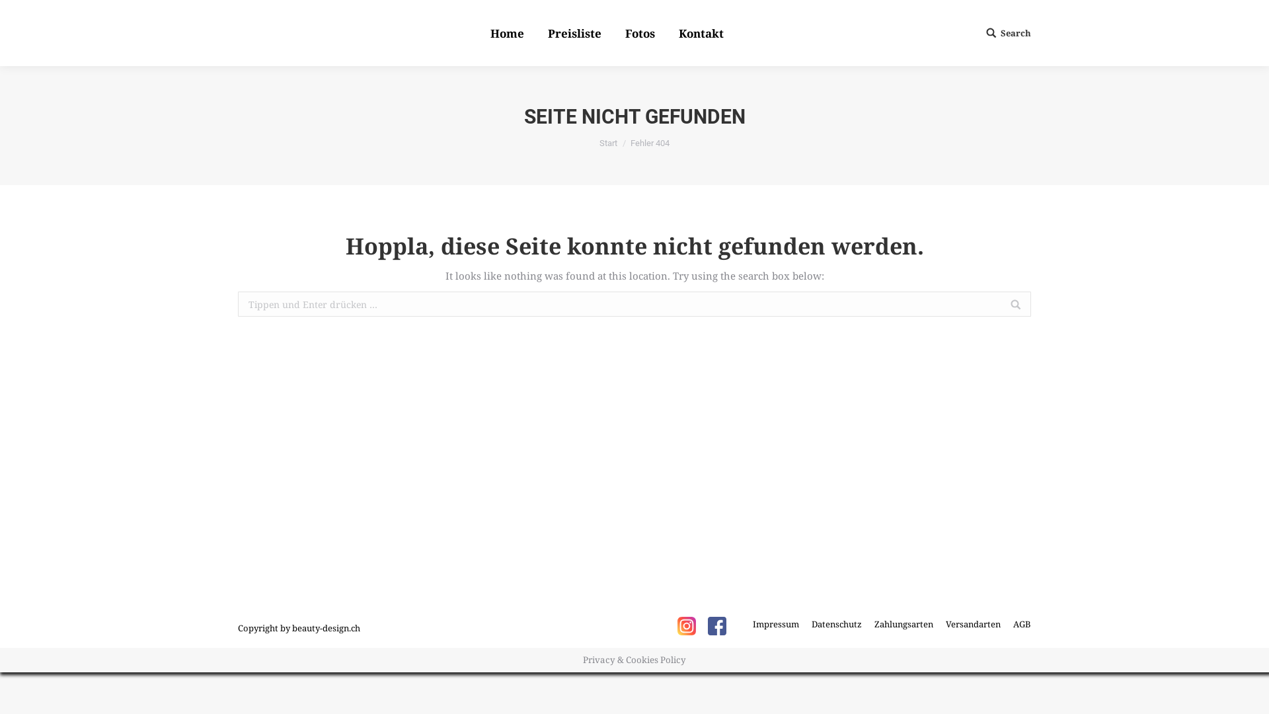  Describe the element at coordinates (487, 32) in the screenshot. I see `'Home'` at that location.